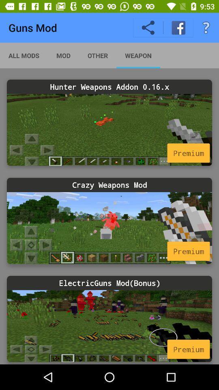 The image size is (219, 390). What do you see at coordinates (109, 326) in the screenshot?
I see `mod` at bounding box center [109, 326].